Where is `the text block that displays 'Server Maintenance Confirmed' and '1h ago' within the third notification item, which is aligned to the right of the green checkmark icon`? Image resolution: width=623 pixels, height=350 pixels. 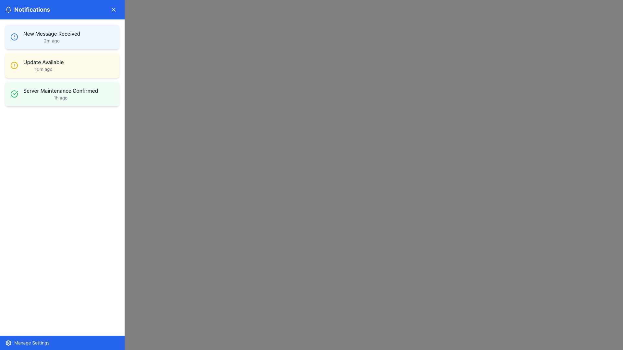 the text block that displays 'Server Maintenance Confirmed' and '1h ago' within the third notification item, which is aligned to the right of the green checkmark icon is located at coordinates (61, 94).